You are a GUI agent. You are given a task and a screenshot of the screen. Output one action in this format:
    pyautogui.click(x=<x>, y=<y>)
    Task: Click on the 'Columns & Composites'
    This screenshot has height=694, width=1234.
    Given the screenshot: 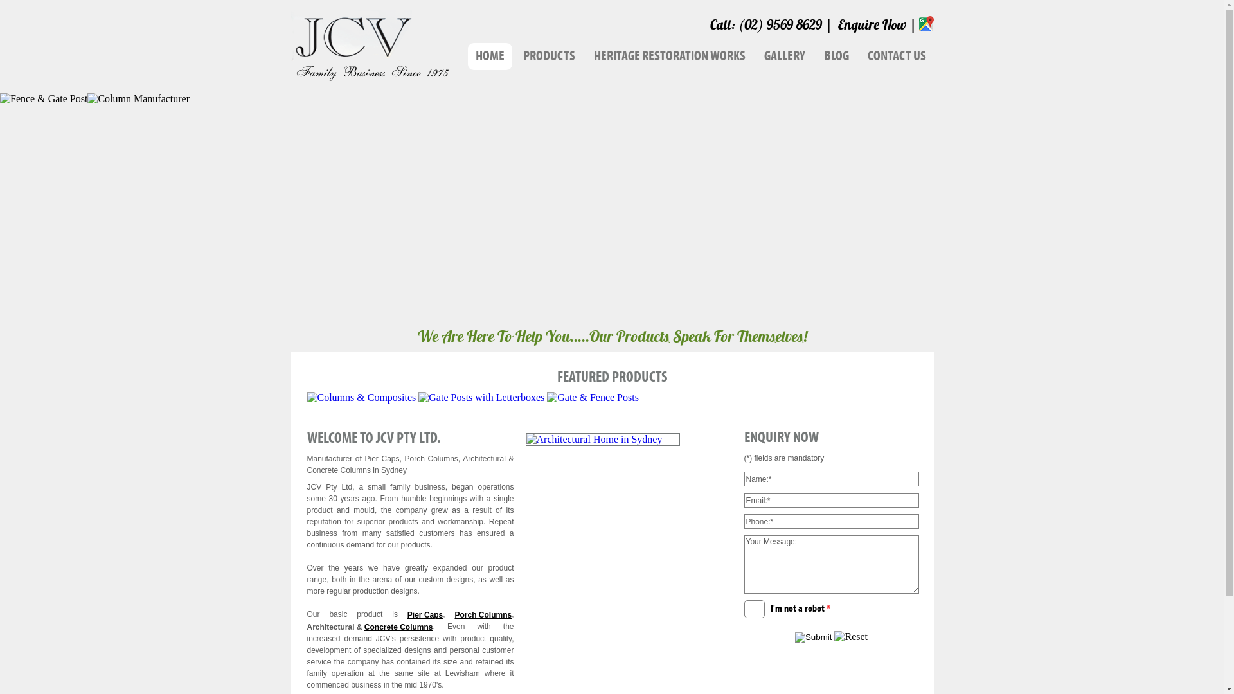 What is the action you would take?
    pyautogui.click(x=361, y=396)
    